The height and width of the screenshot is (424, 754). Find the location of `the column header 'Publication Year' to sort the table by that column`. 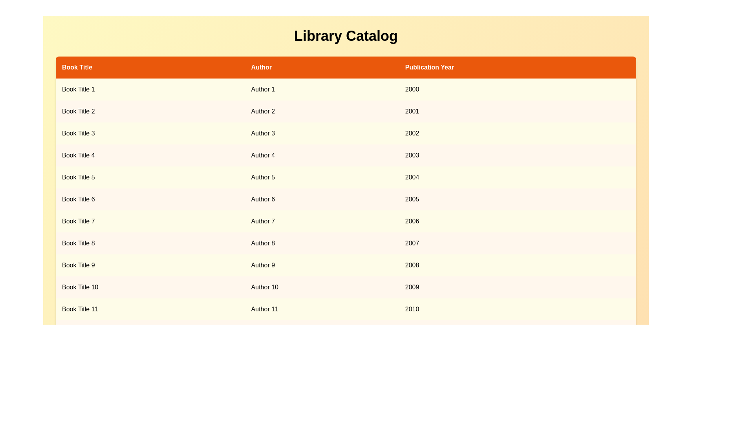

the column header 'Publication Year' to sort the table by that column is located at coordinates (517, 67).